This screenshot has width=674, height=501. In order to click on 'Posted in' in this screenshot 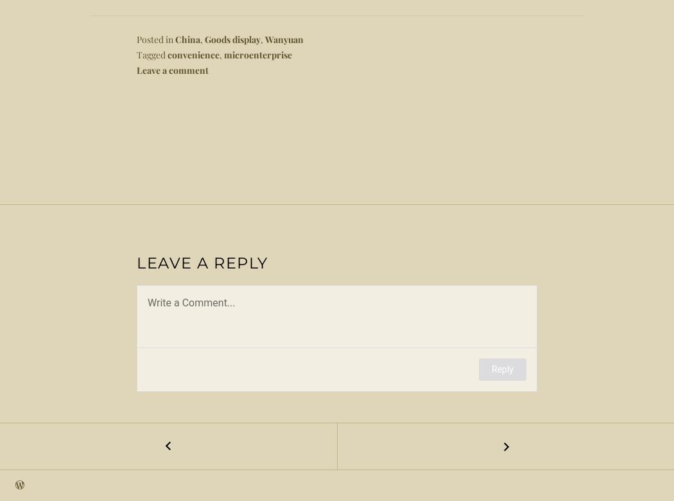, I will do `click(155, 39)`.